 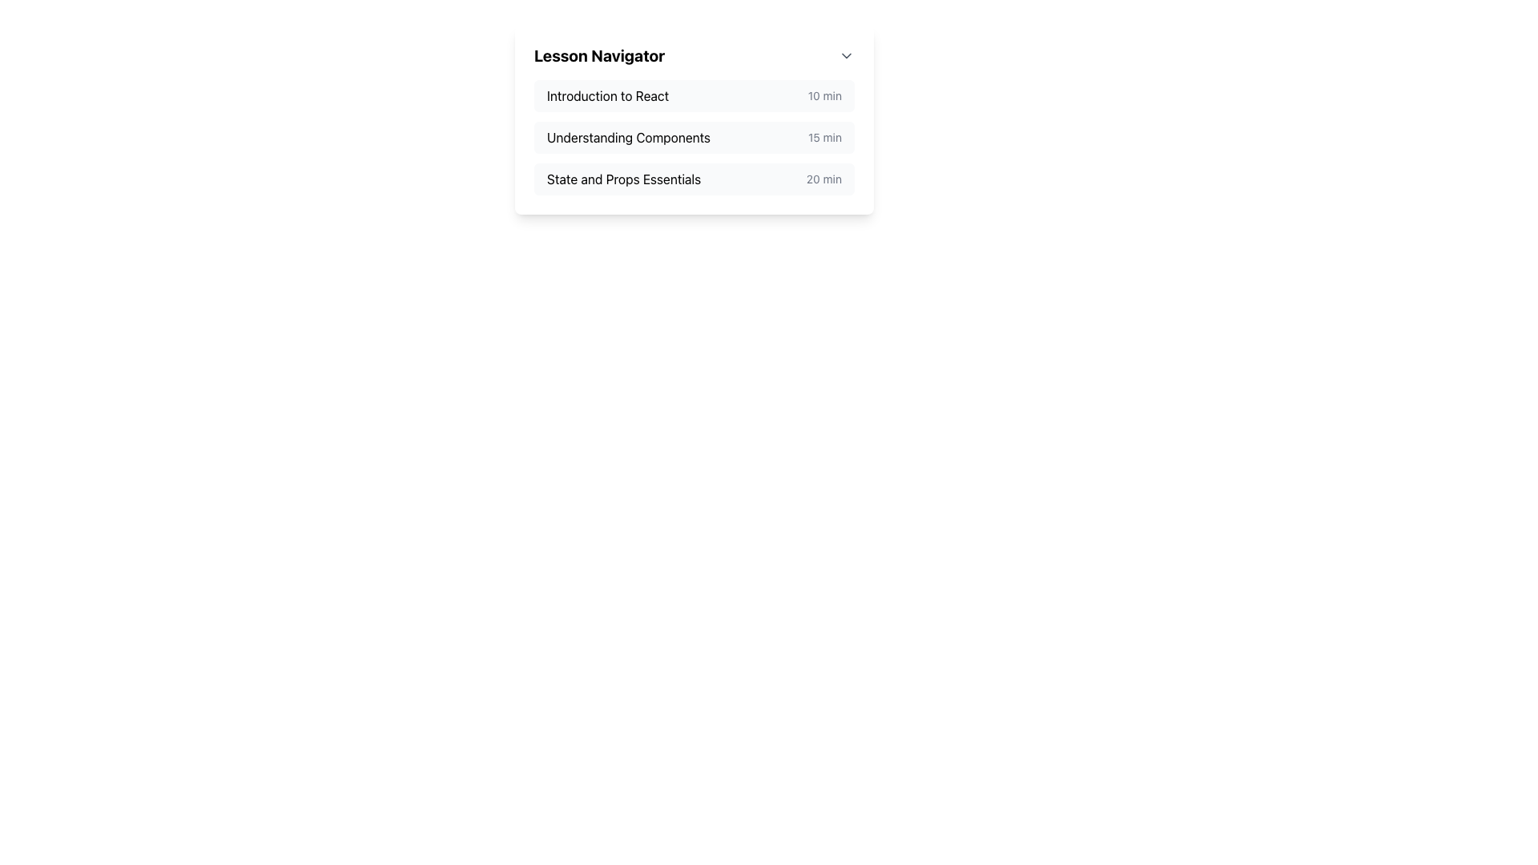 What do you see at coordinates (695, 95) in the screenshot?
I see `the first List Item titled 'Introduction to React'` at bounding box center [695, 95].